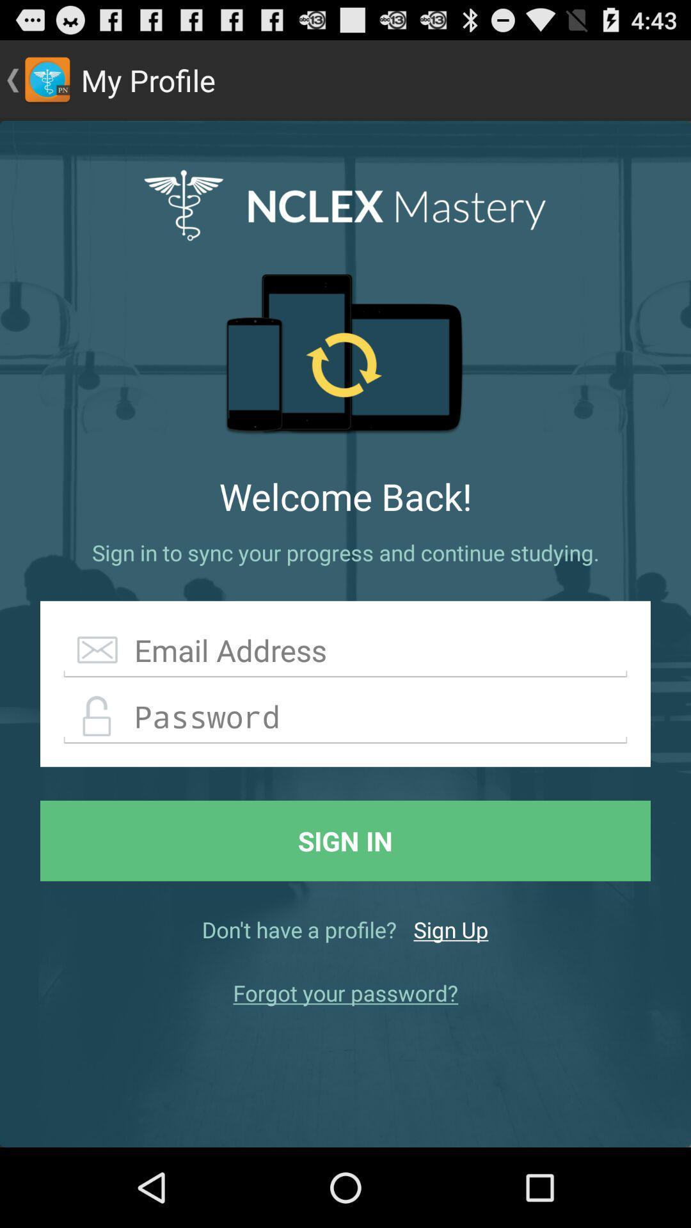 This screenshot has height=1228, width=691. I want to click on the app to the right of the don t have, so click(450, 929).